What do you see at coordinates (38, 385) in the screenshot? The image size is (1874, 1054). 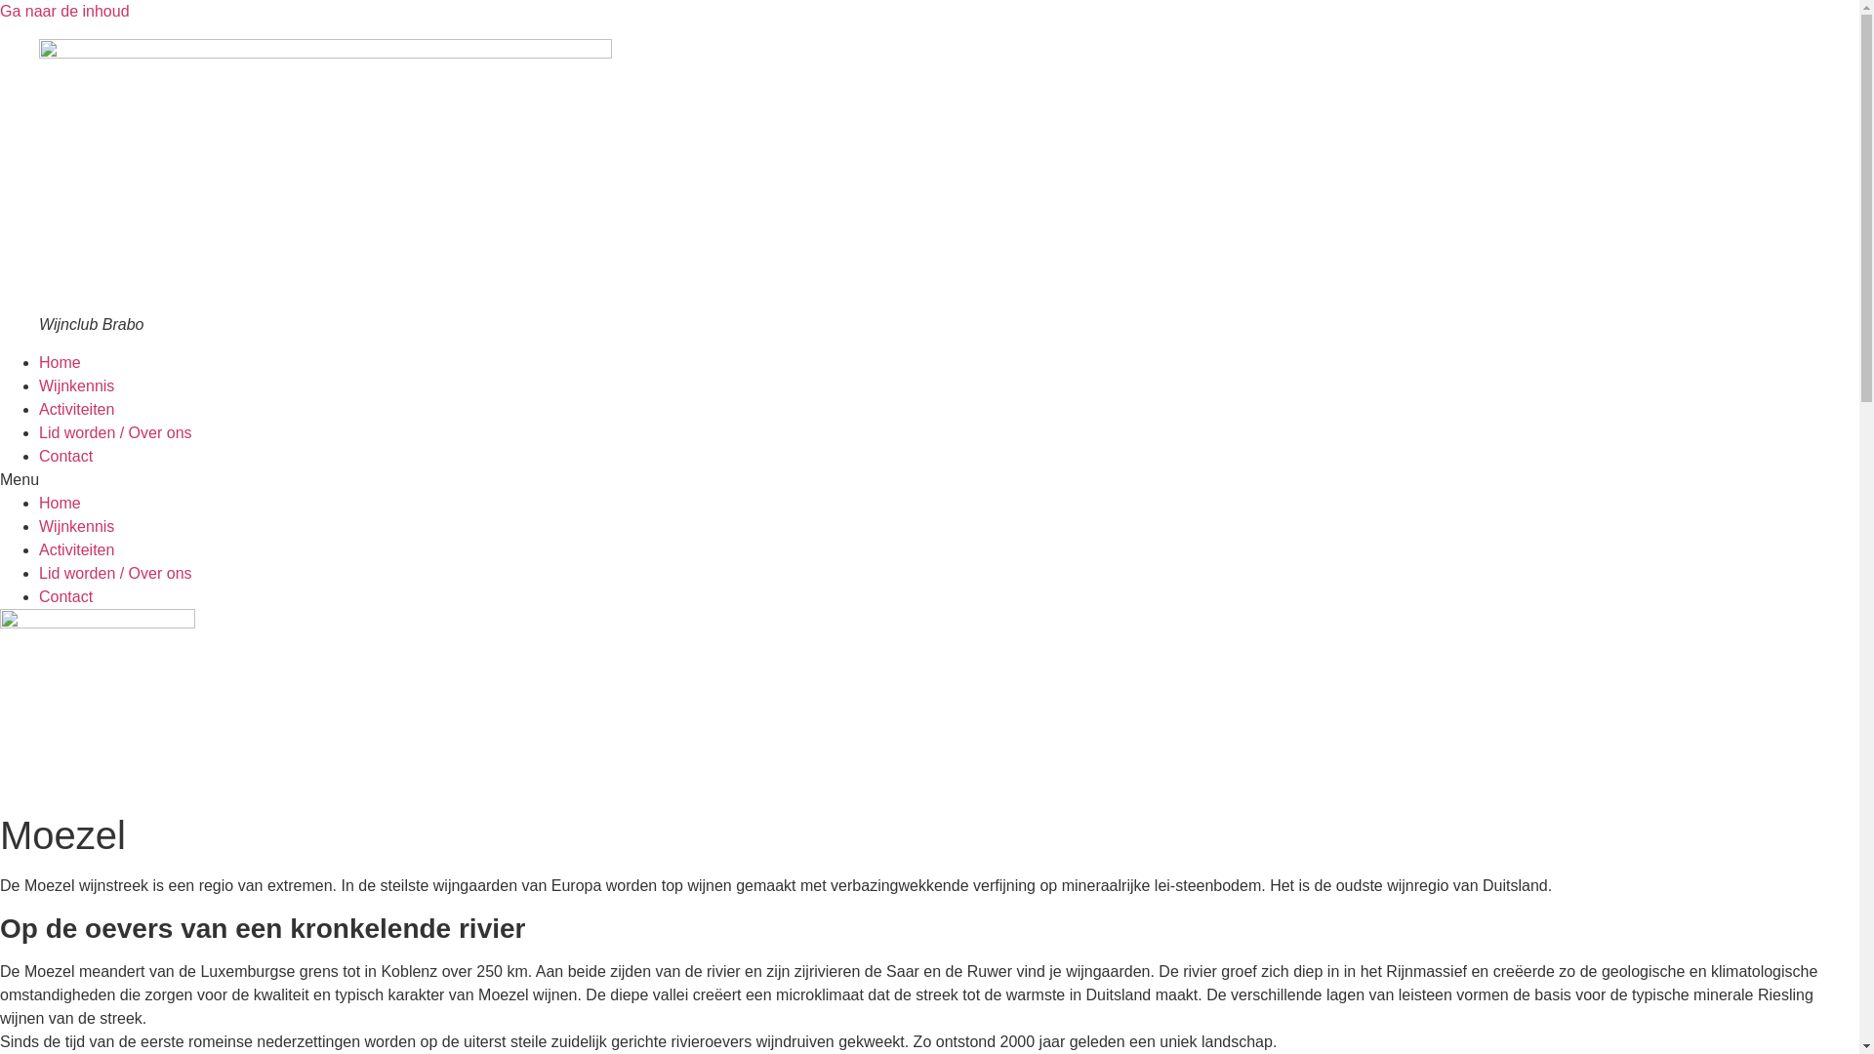 I see `'Wijnkennis'` at bounding box center [38, 385].